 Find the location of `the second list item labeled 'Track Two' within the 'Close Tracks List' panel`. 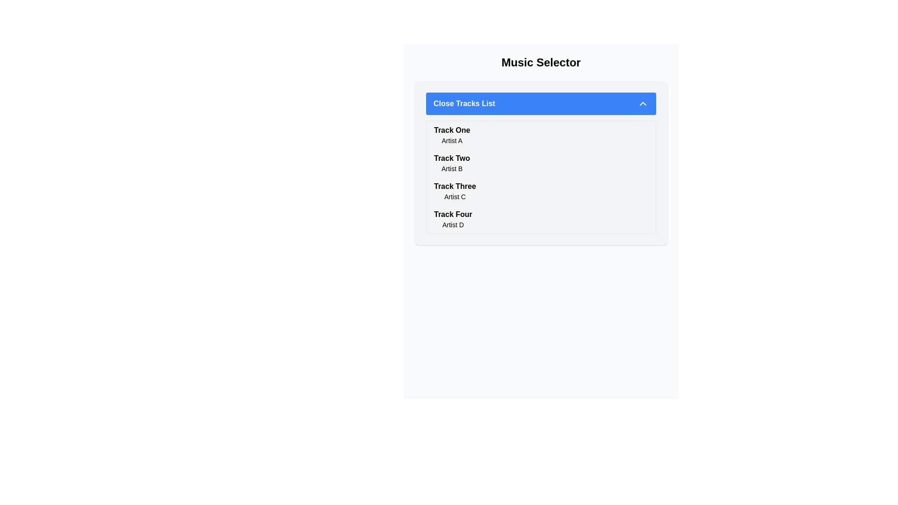

the second list item labeled 'Track Two' within the 'Close Tracks List' panel is located at coordinates (541, 162).